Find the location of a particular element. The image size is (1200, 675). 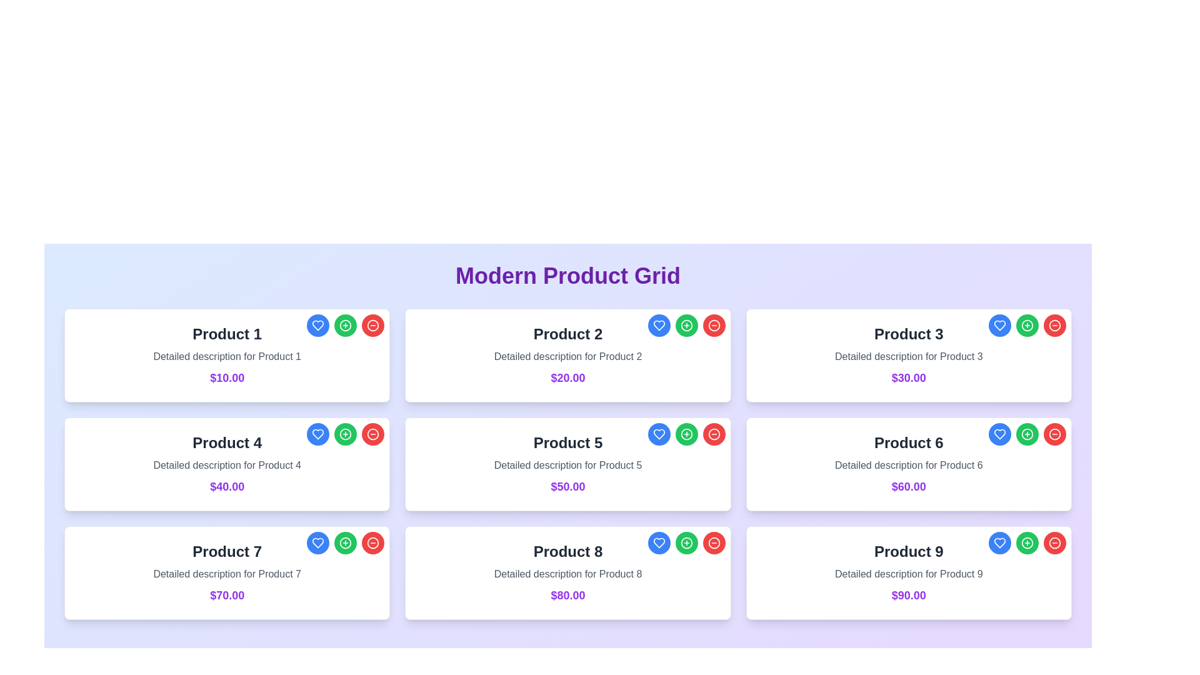

the negative action button for 'Product 3' located at the top-right corner of its card is located at coordinates (1054, 324).